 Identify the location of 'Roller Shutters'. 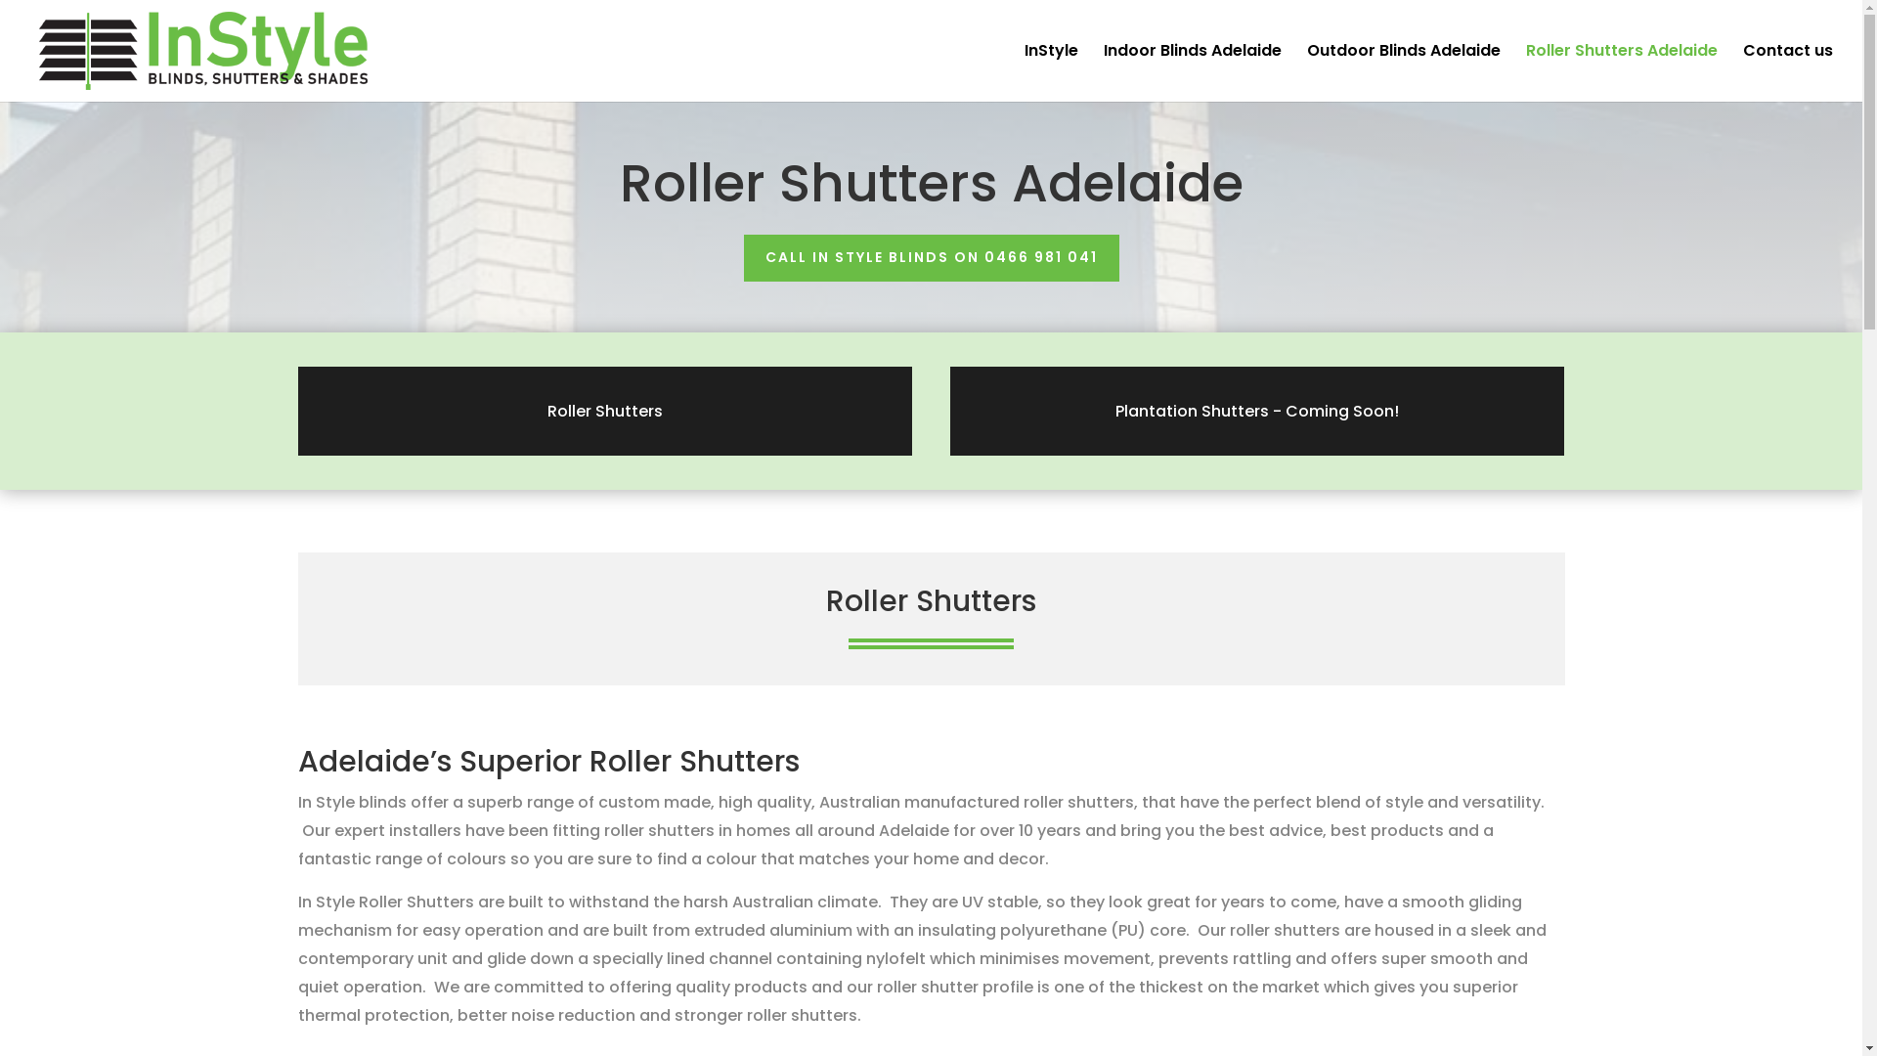
(604, 410).